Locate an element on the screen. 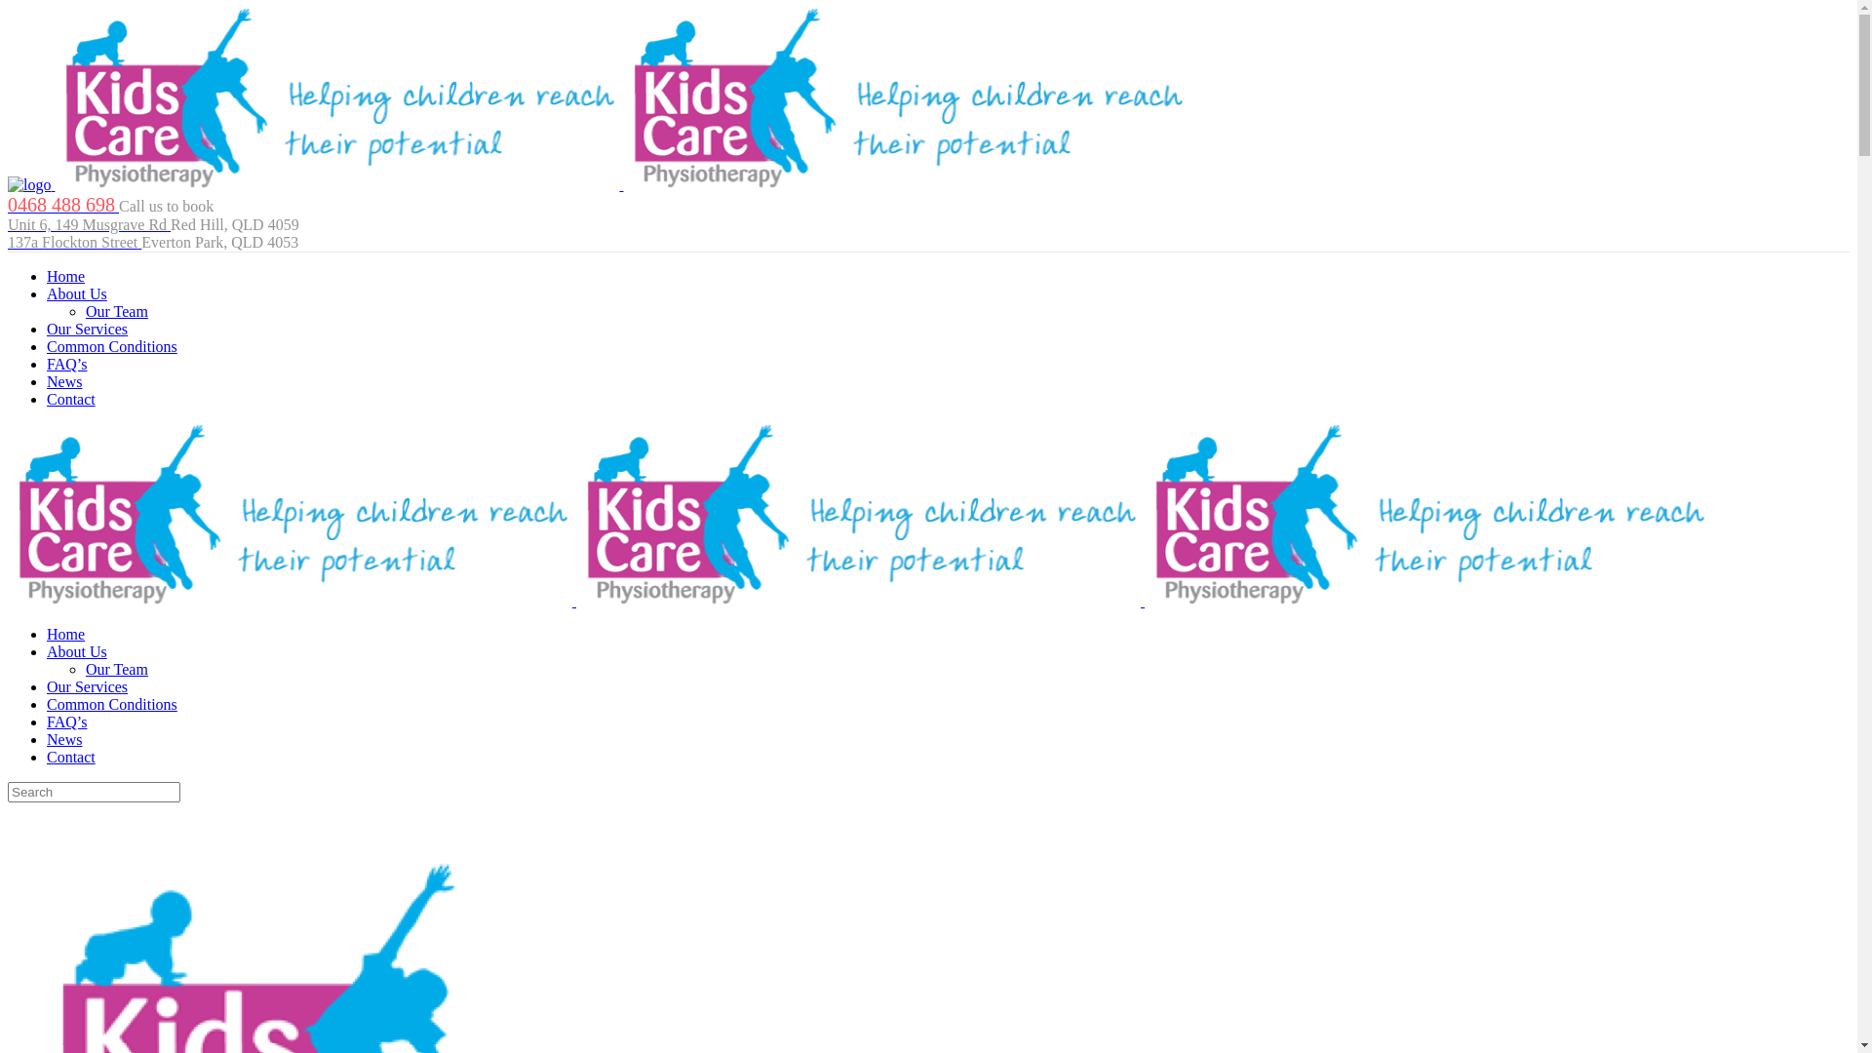 The image size is (1872, 1053). '137a Flockton Street' is located at coordinates (74, 241).